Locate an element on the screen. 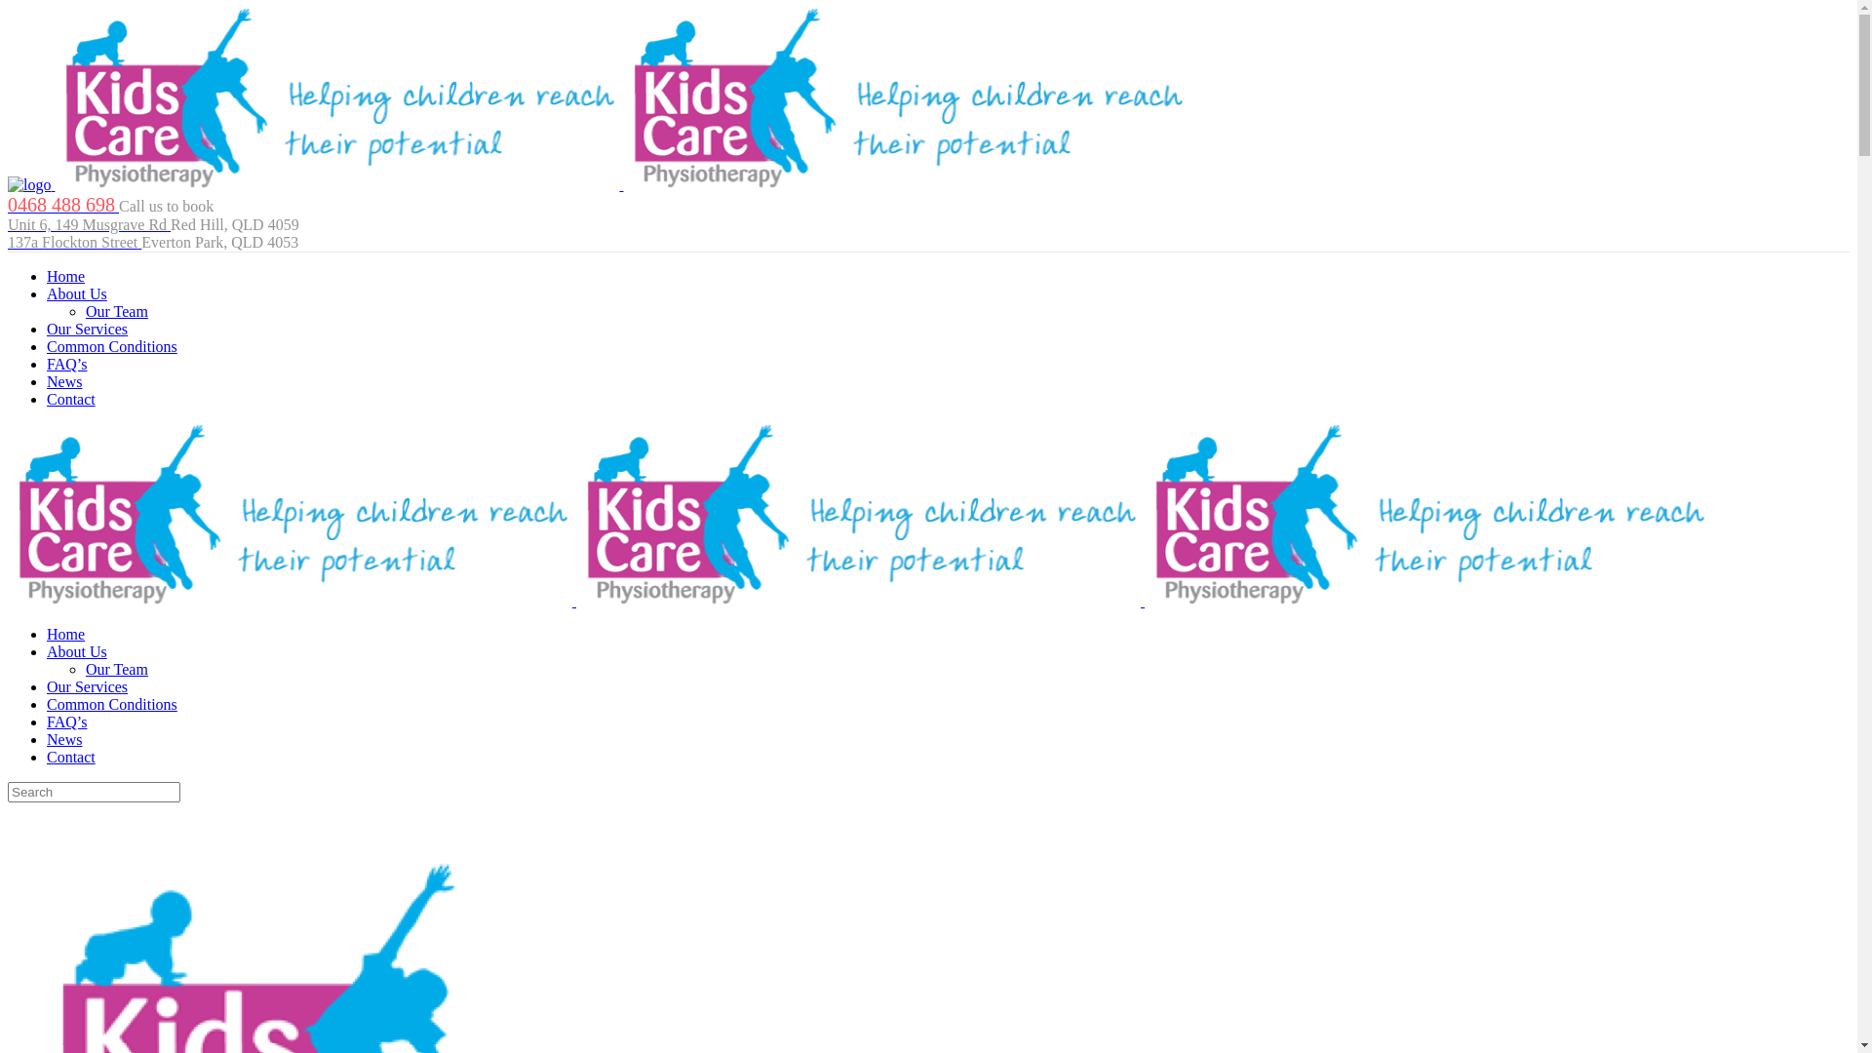 The image size is (1872, 1053). '137a Flockton Street' is located at coordinates (74, 241).